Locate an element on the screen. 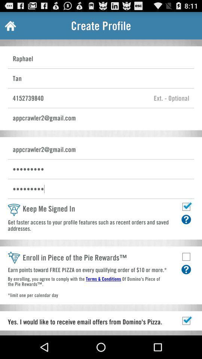 This screenshot has height=359, width=202. more info about keep me signed in function is located at coordinates (186, 219).